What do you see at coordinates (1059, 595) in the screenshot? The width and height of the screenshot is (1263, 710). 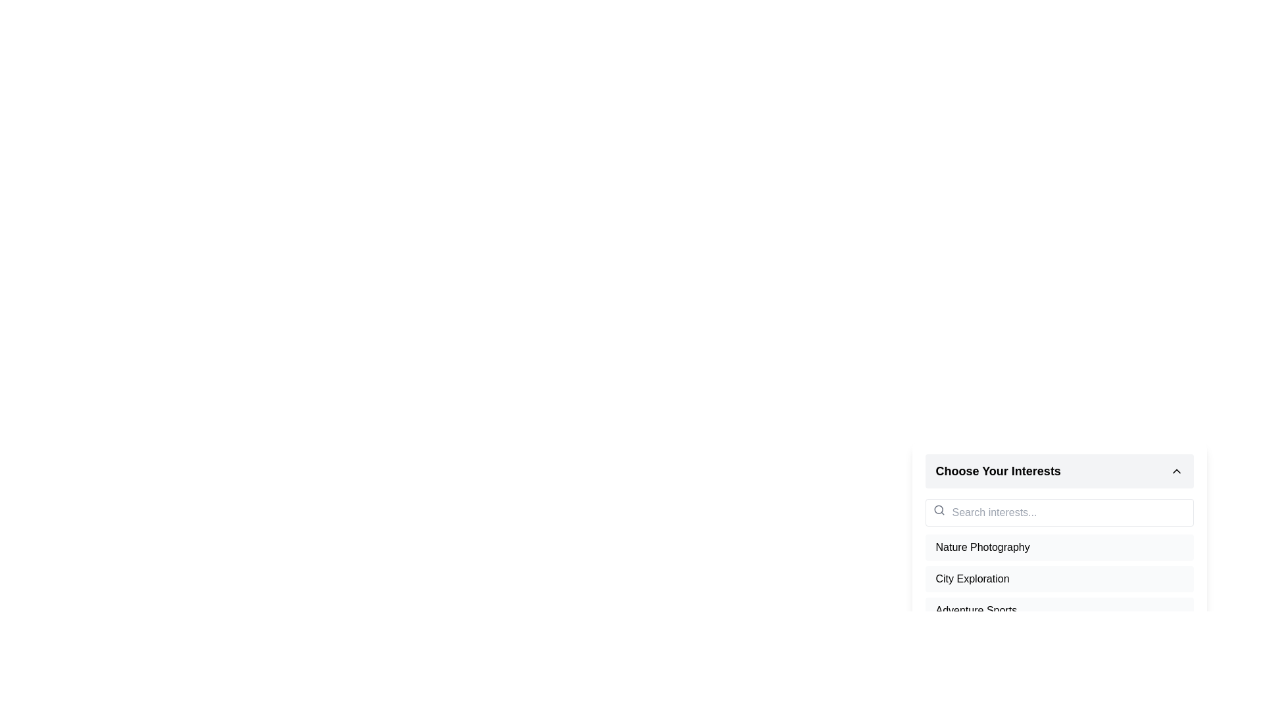 I see `the second item 'City Exploration' in the dropdown menu titled 'Choose Your Interests'` at bounding box center [1059, 595].